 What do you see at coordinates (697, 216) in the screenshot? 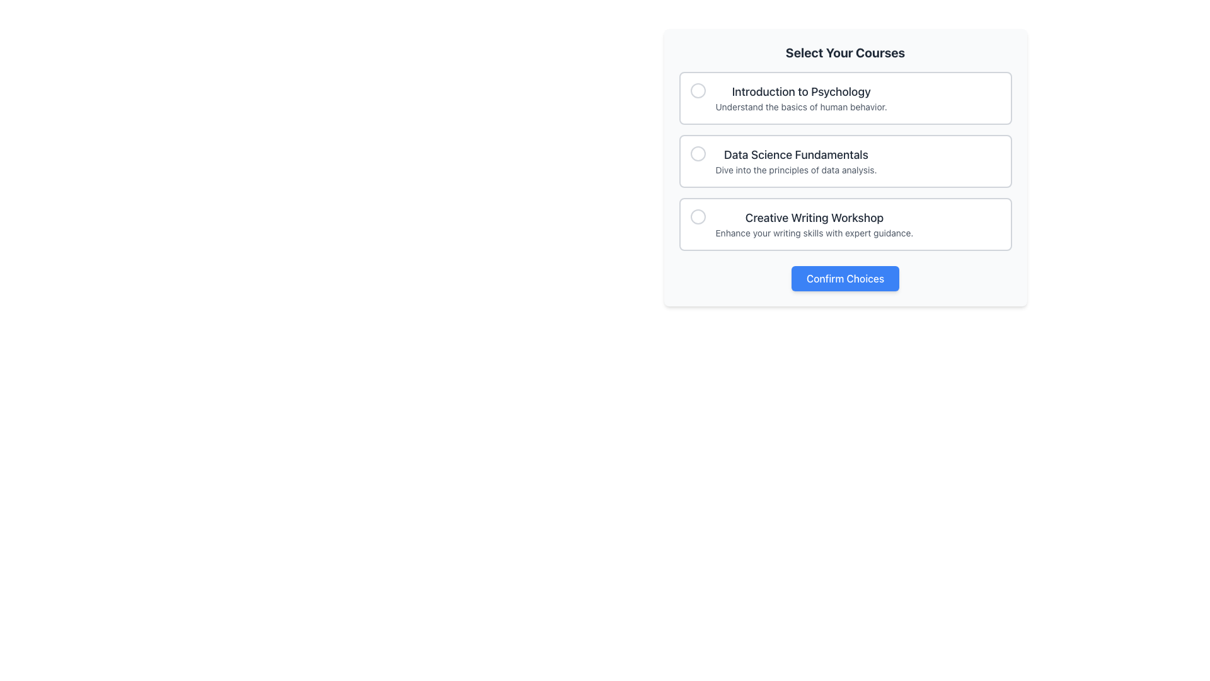
I see `the radio button for the 'Creative Writing Workshop'` at bounding box center [697, 216].